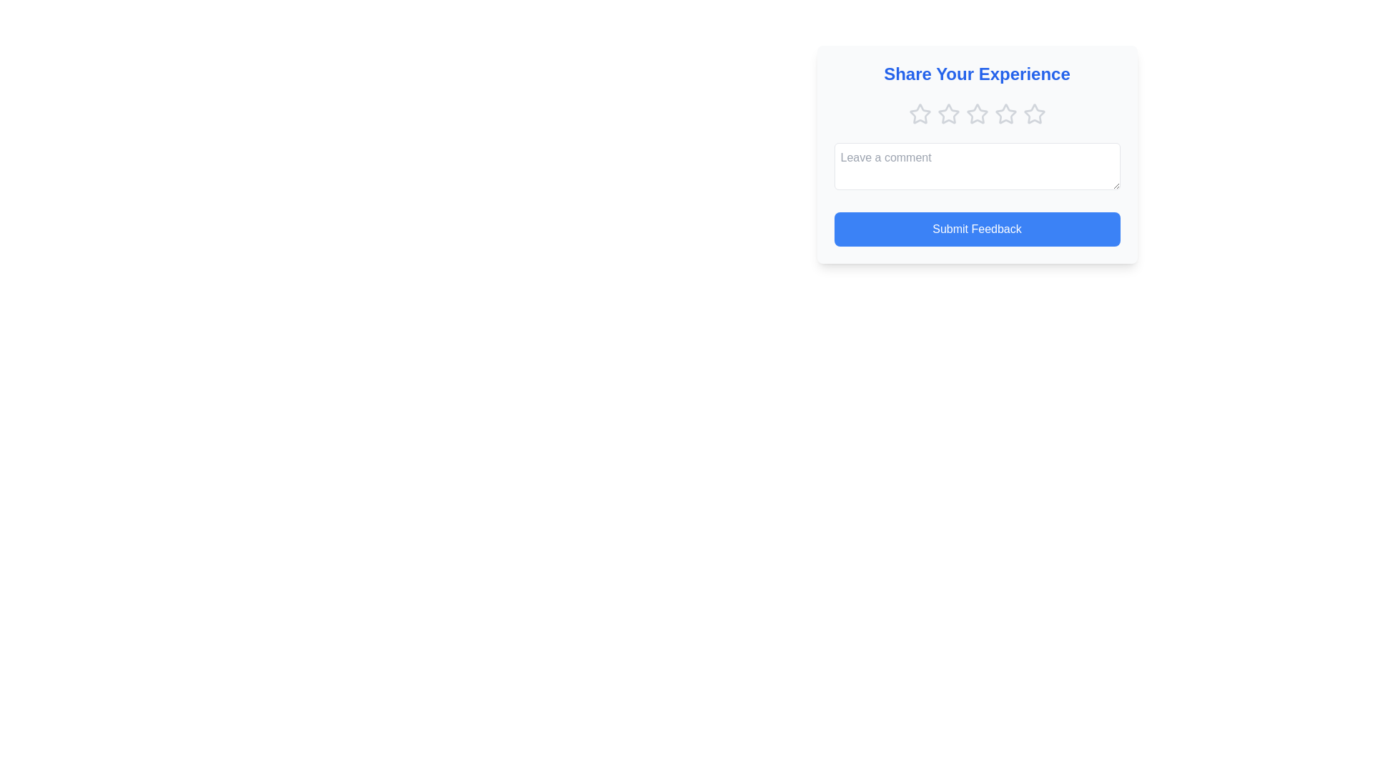 The image size is (1373, 772). What do you see at coordinates (1034, 113) in the screenshot?
I see `the fifth star icon with a gray outline used for ratings in the modal titled 'Share Your Experience'` at bounding box center [1034, 113].